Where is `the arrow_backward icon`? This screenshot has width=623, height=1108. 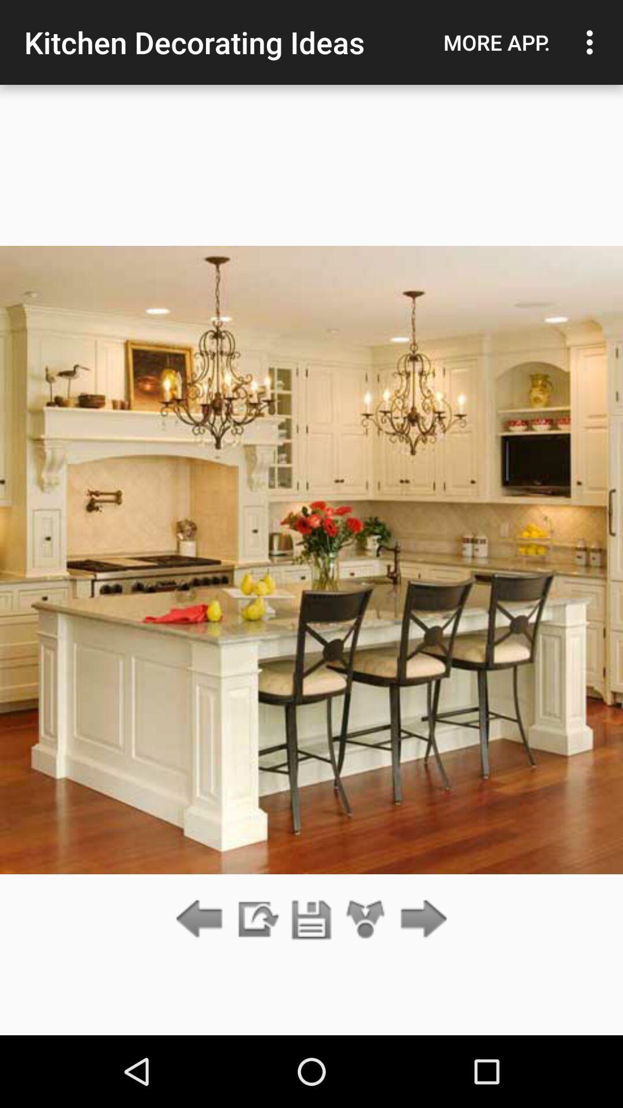
the arrow_backward icon is located at coordinates (202, 919).